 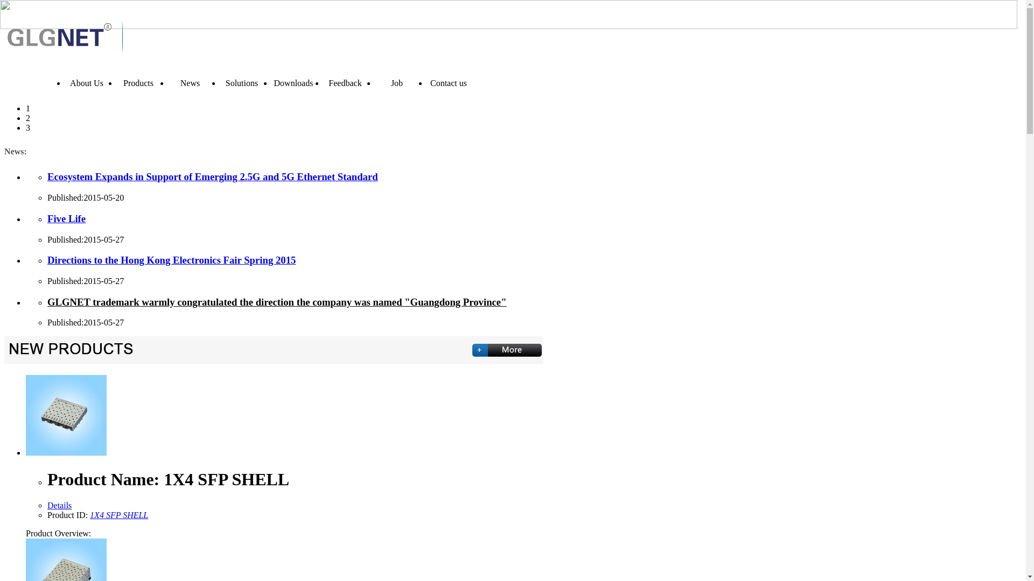 I want to click on 'Directions to the Hong Kong Electronics Fair Spring 2015', so click(x=171, y=260).